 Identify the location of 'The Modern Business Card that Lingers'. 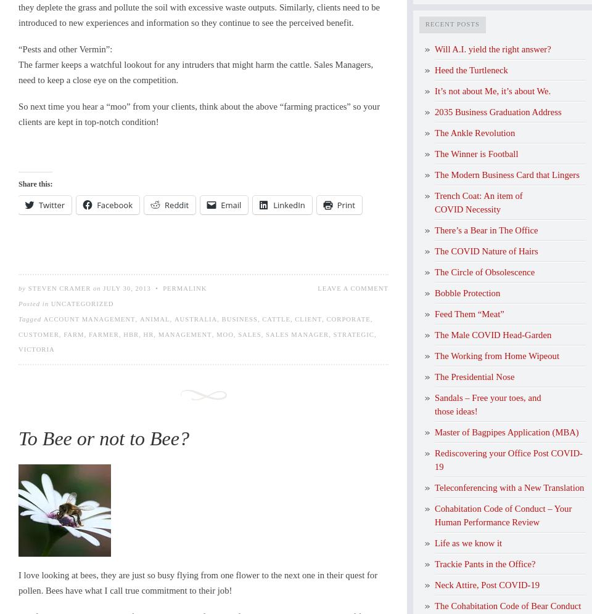
(506, 174).